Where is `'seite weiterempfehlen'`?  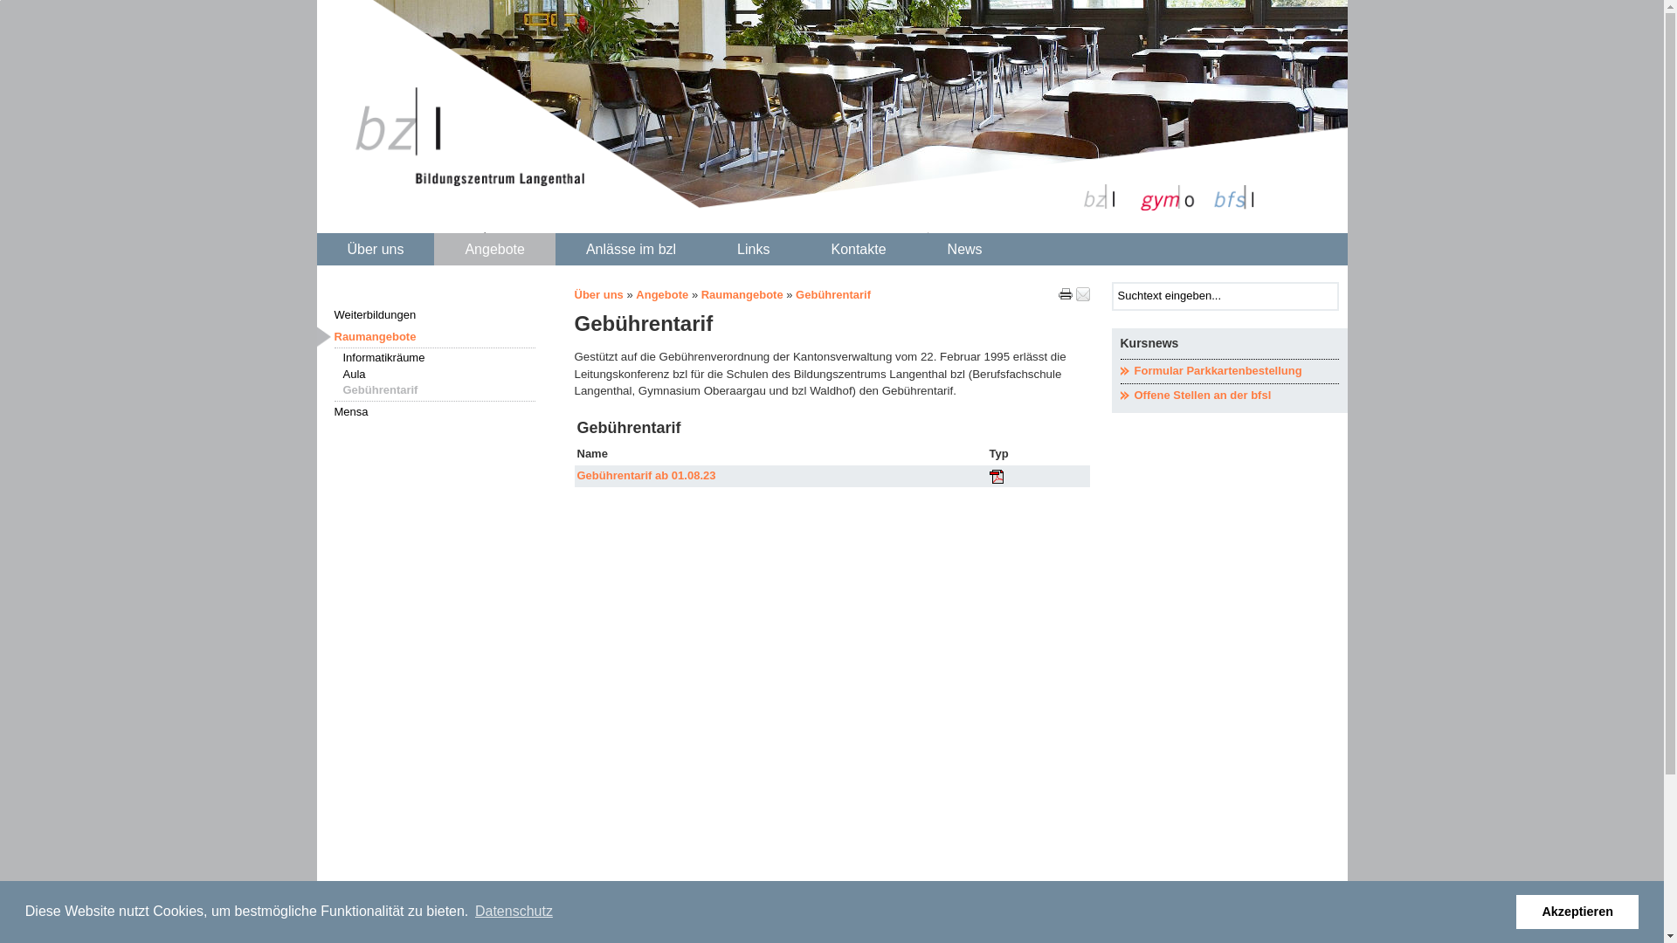
'seite weiterempfehlen' is located at coordinates (1081, 293).